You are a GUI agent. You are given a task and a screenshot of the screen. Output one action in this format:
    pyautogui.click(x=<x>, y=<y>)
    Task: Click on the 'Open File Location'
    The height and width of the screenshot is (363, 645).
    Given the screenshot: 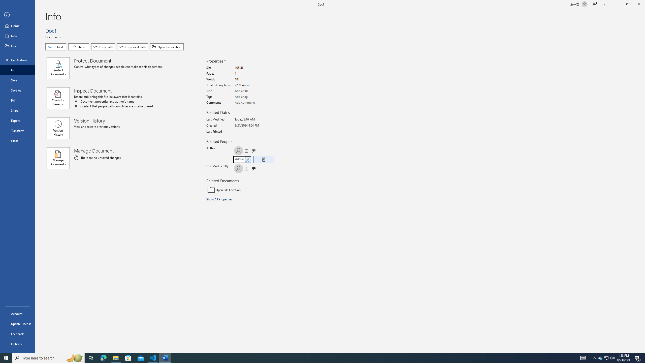 What is the action you would take?
    pyautogui.click(x=240, y=190)
    